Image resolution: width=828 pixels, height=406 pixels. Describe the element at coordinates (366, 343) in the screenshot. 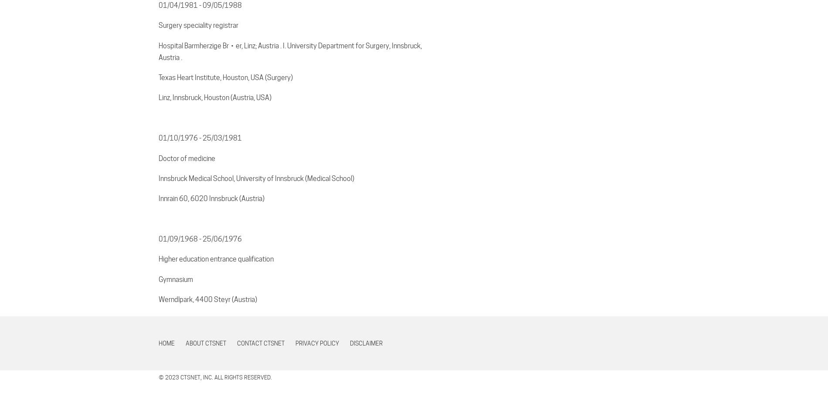

I see `'Disclaimer'` at that location.